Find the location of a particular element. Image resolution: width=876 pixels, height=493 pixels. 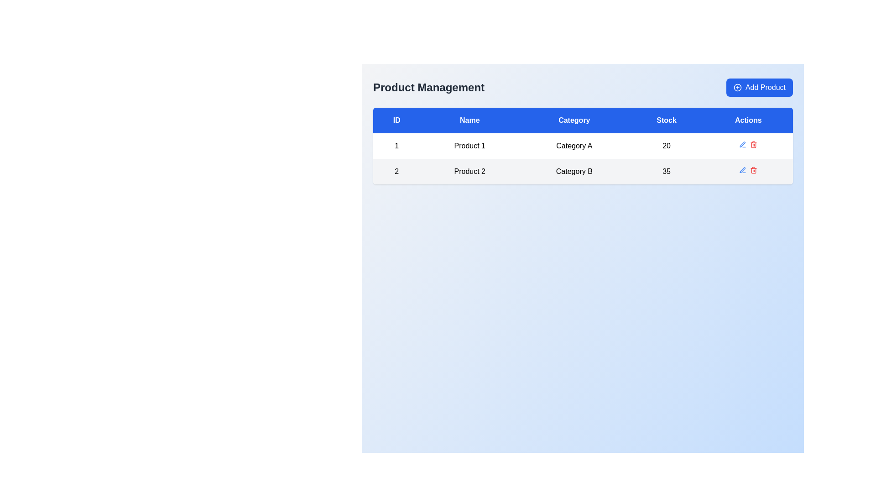

the pencil-shaped edit icon located in the second row of the Actions column of the data table is located at coordinates (742, 170).